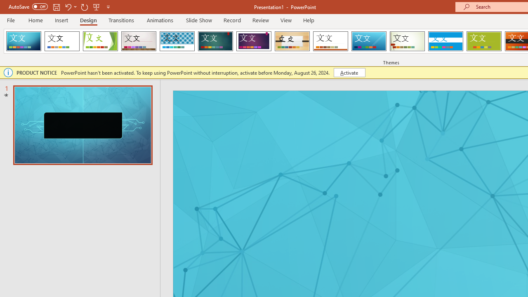 This screenshot has width=528, height=297. I want to click on 'Facet', so click(100, 41).